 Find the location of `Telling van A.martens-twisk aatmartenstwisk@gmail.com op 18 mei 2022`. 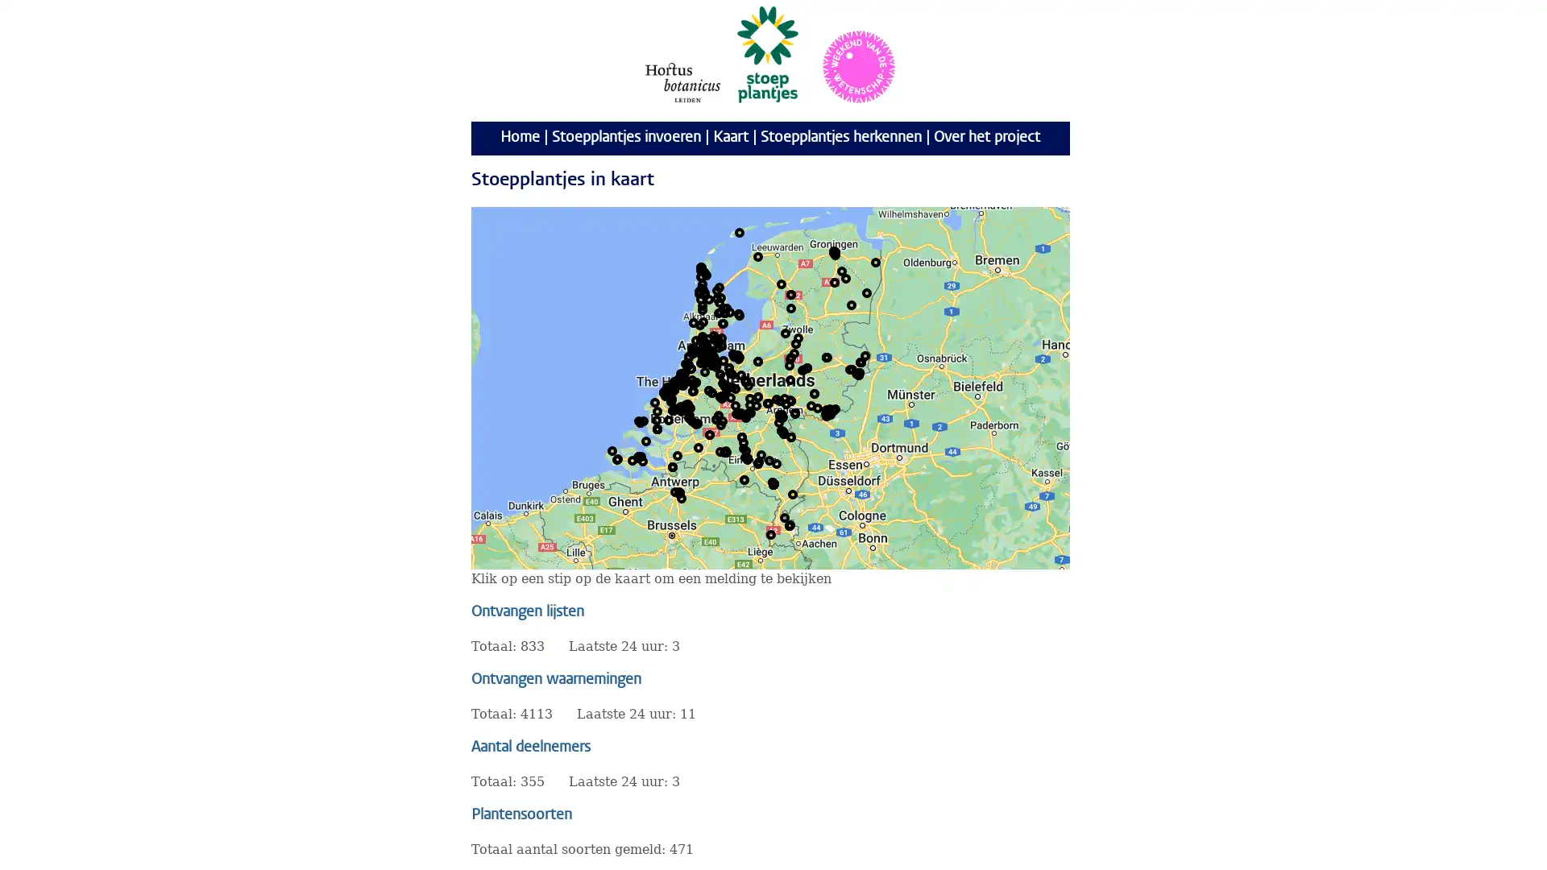

Telling van A.martens-twisk aatmartenstwisk@gmail.com op 18 mei 2022 is located at coordinates (701, 338).